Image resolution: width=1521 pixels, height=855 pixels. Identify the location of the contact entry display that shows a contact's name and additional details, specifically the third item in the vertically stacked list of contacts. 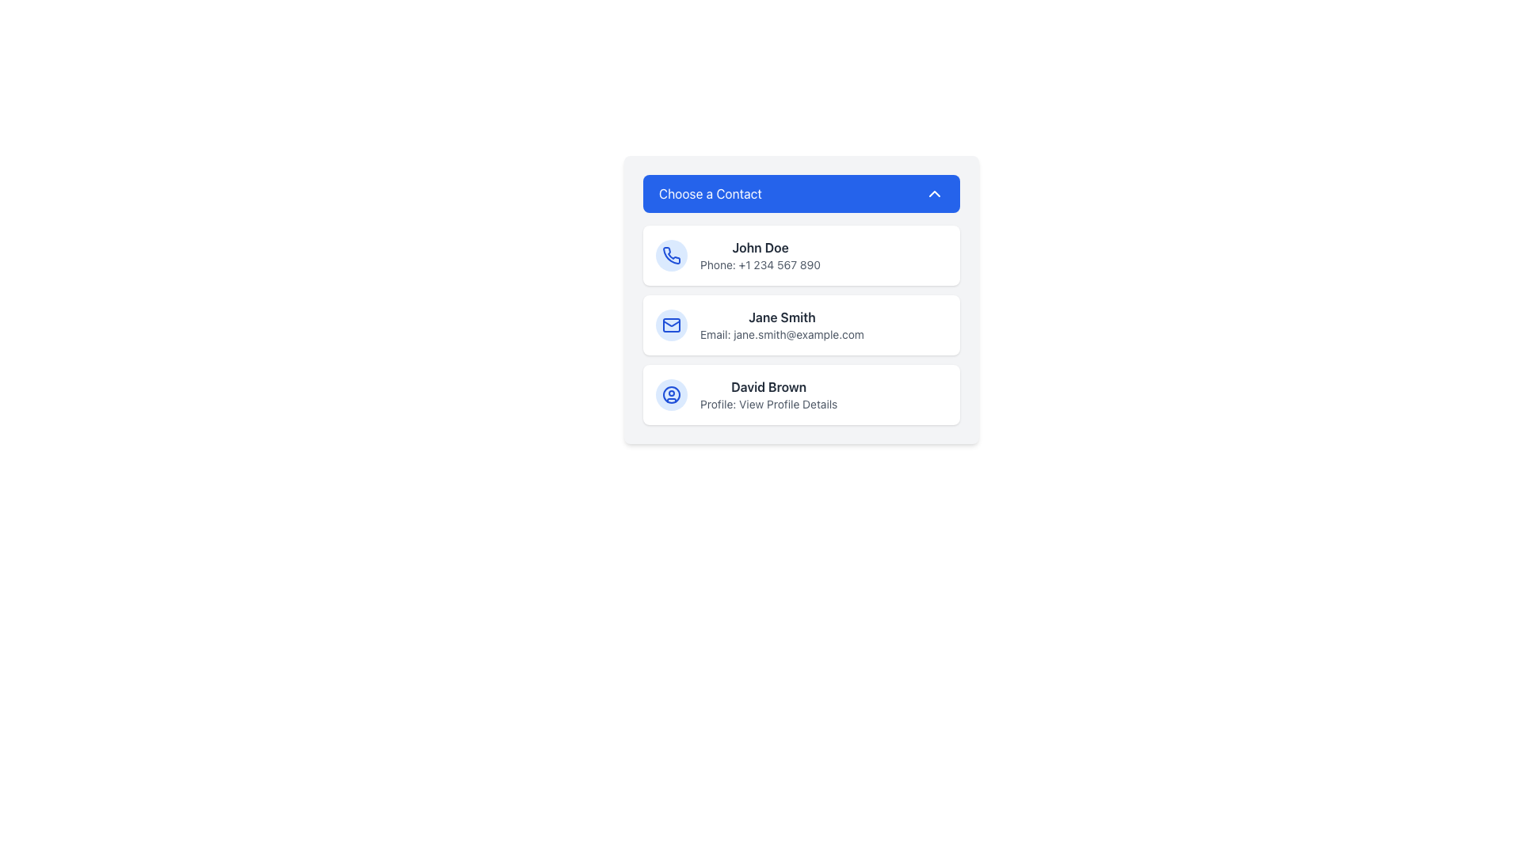
(768, 393).